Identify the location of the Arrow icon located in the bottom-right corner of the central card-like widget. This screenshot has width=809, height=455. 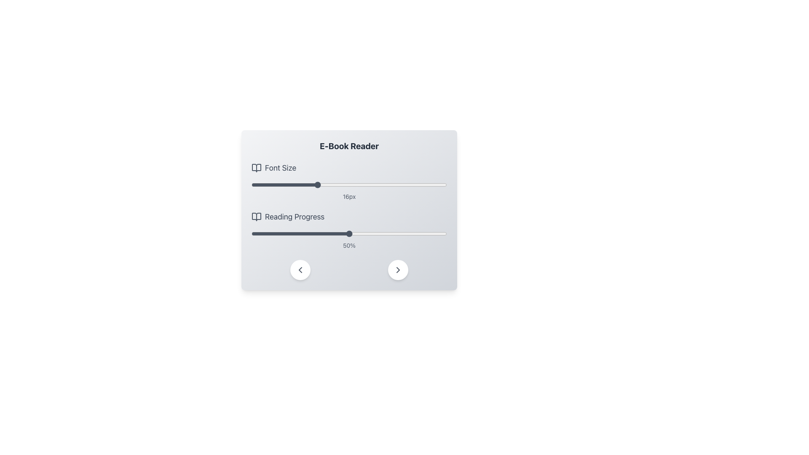
(398, 270).